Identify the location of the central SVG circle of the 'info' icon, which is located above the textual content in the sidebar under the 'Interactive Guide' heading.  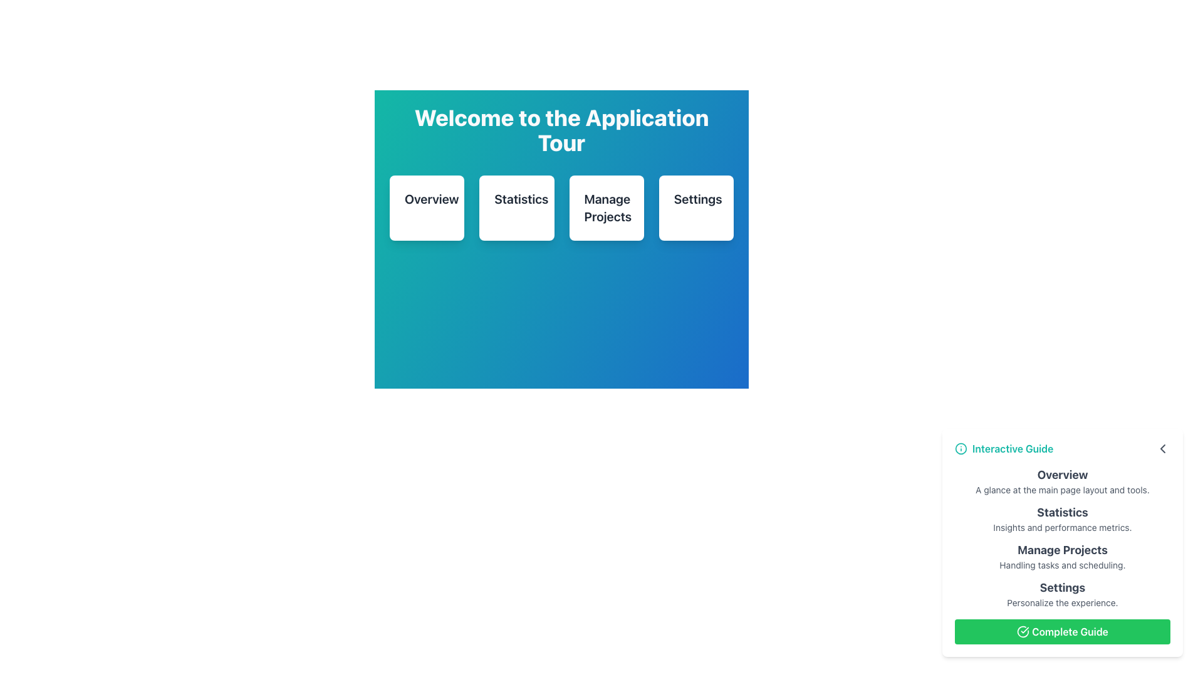
(961, 448).